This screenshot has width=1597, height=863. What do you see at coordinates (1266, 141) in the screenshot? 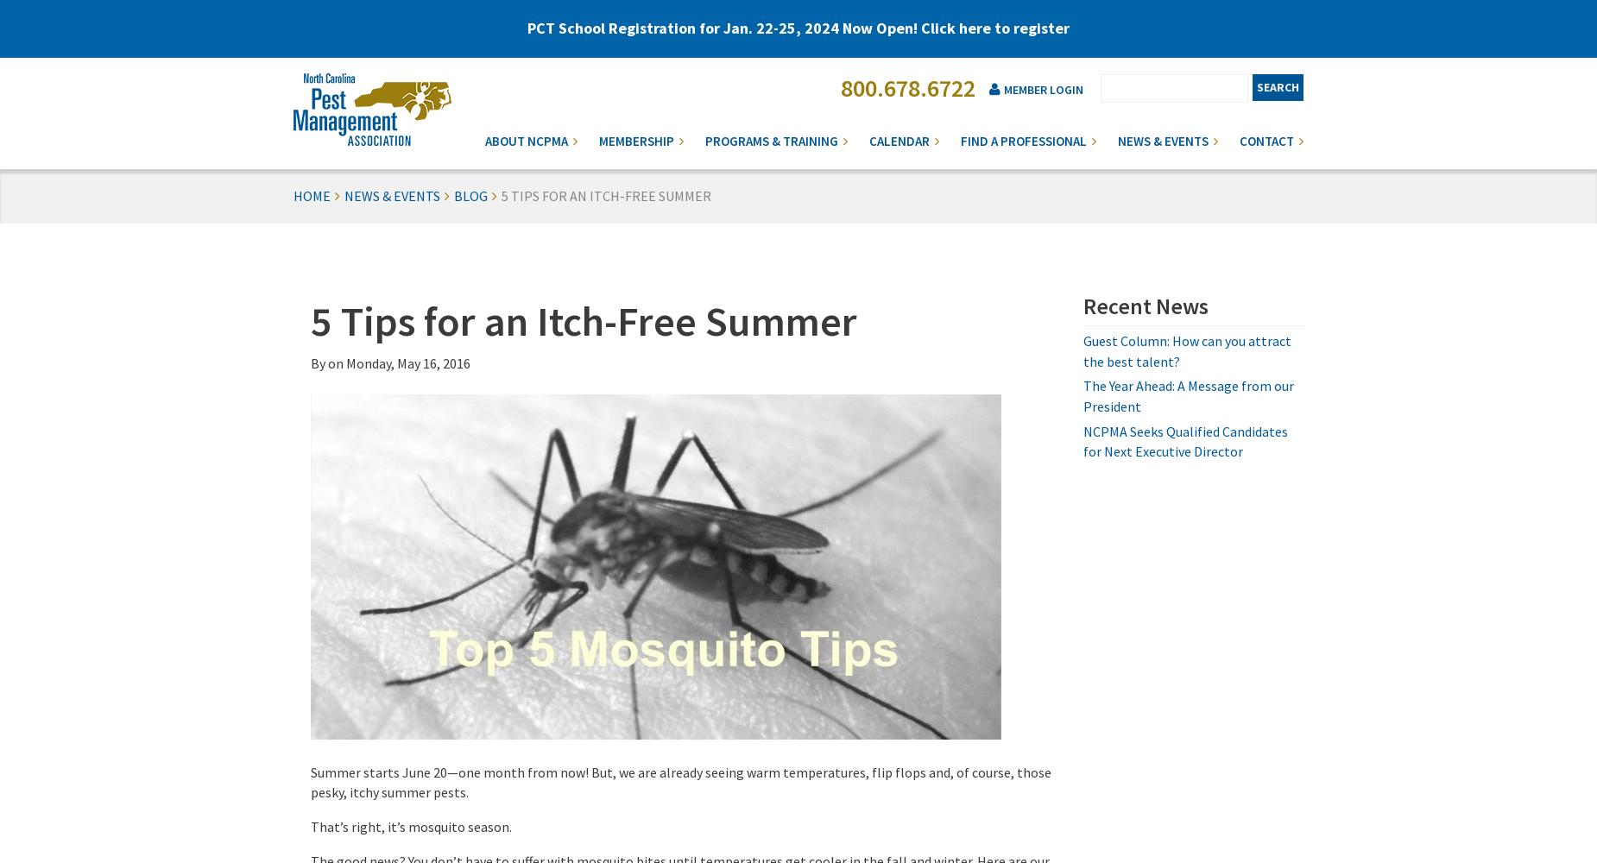
I see `'Contact'` at bounding box center [1266, 141].